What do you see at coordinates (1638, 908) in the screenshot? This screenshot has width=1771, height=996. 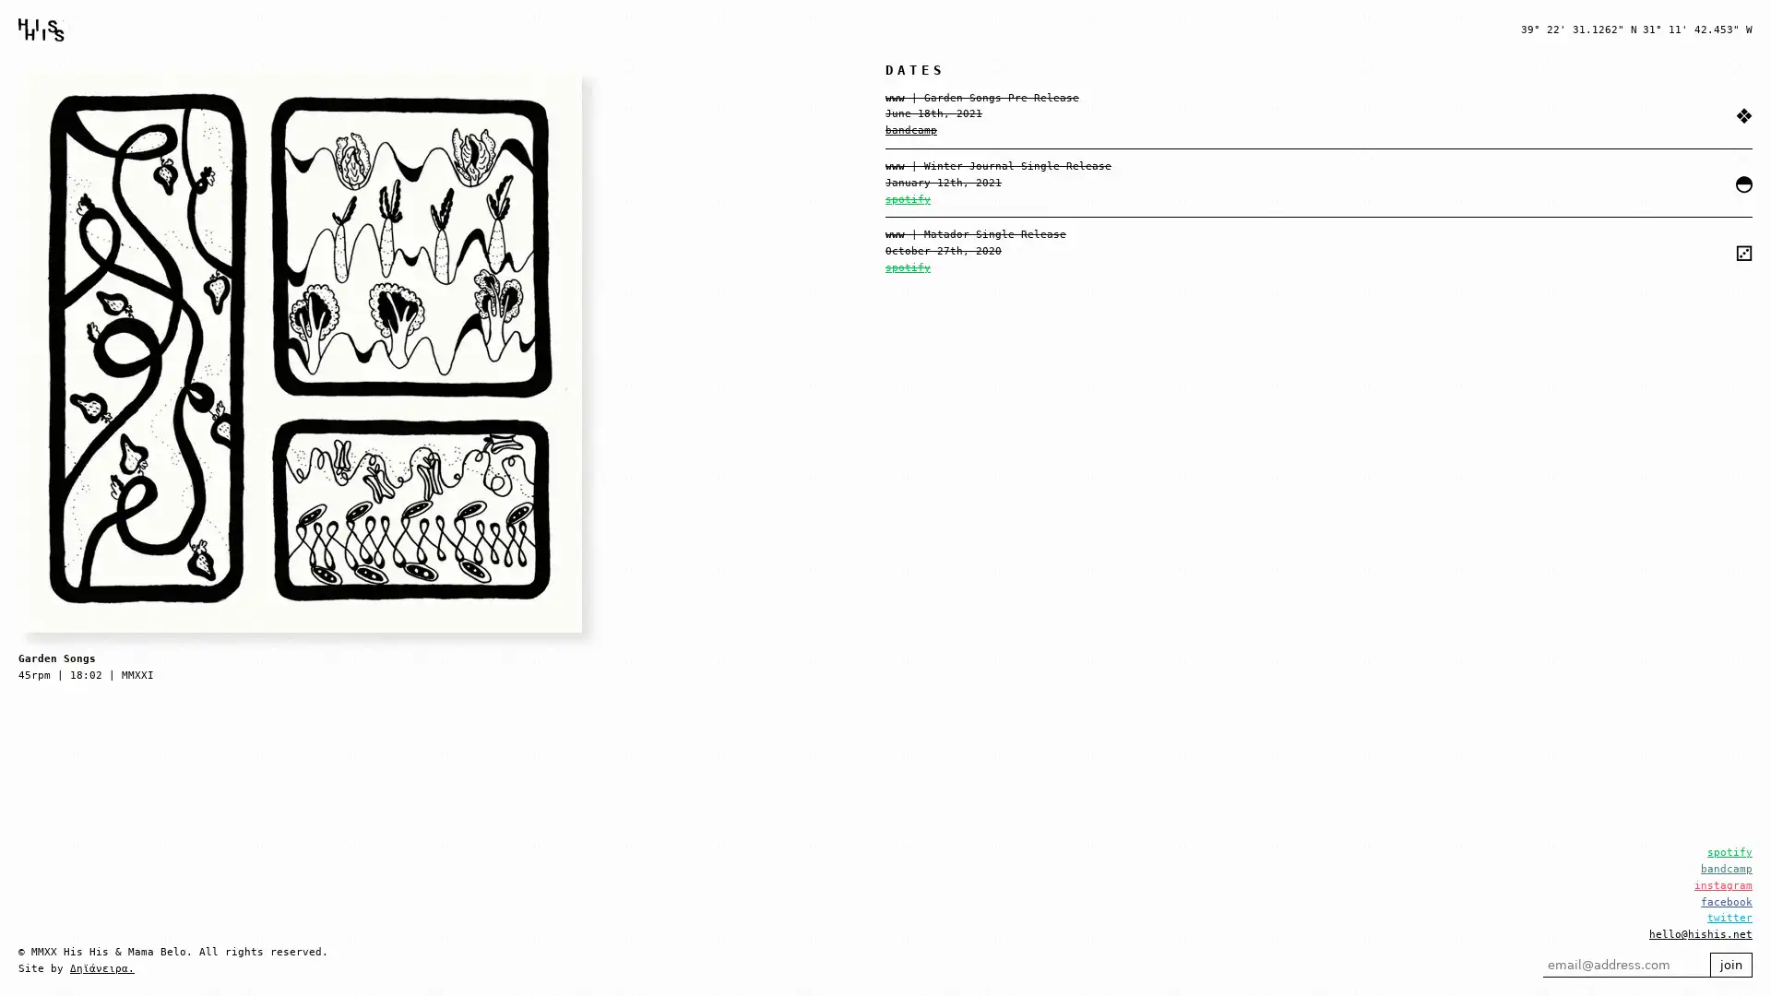 I see `join` at bounding box center [1638, 908].